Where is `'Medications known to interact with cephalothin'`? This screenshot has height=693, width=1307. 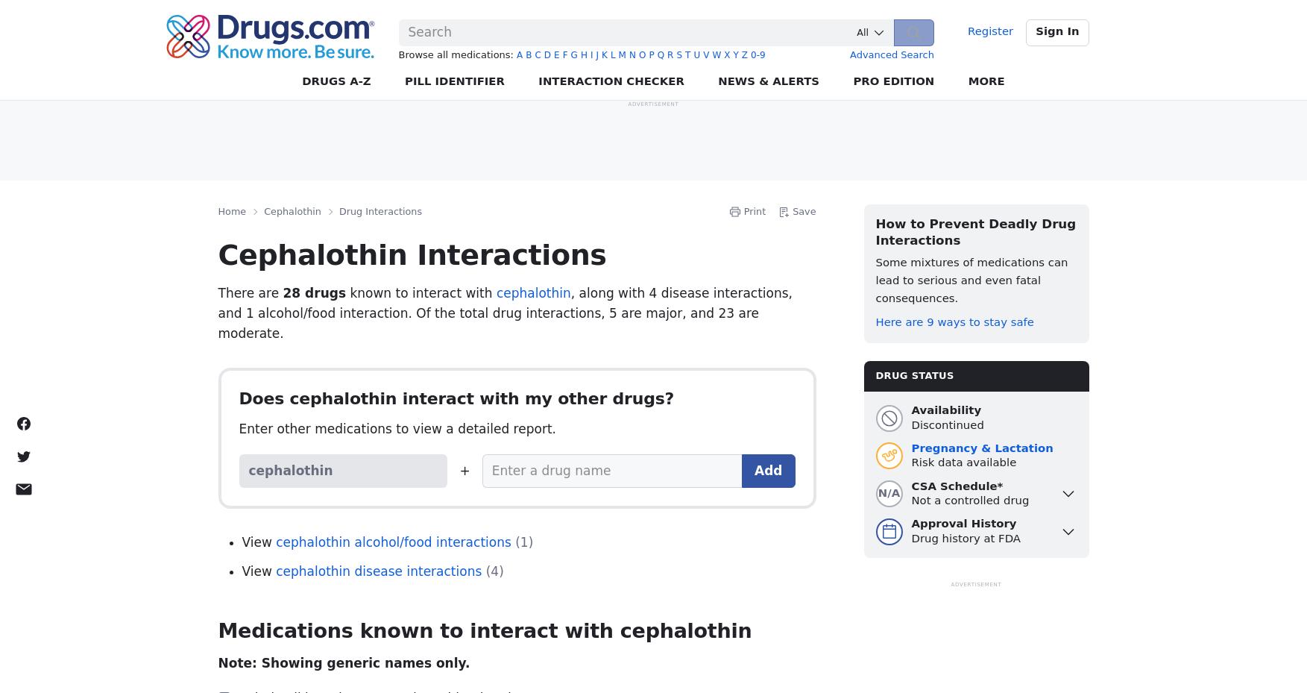 'Medications known to interact with cephalothin' is located at coordinates (485, 630).